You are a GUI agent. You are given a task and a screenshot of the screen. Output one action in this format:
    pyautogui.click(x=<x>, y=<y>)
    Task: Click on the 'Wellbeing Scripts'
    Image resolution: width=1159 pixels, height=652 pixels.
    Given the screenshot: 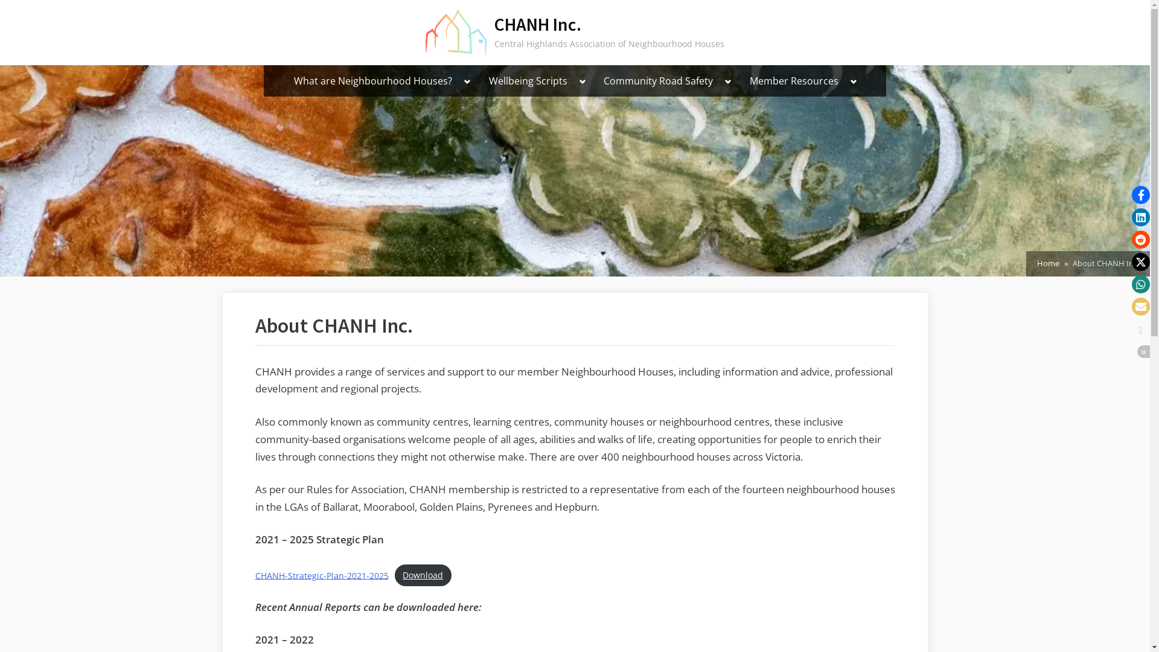 What is the action you would take?
    pyautogui.click(x=528, y=81)
    